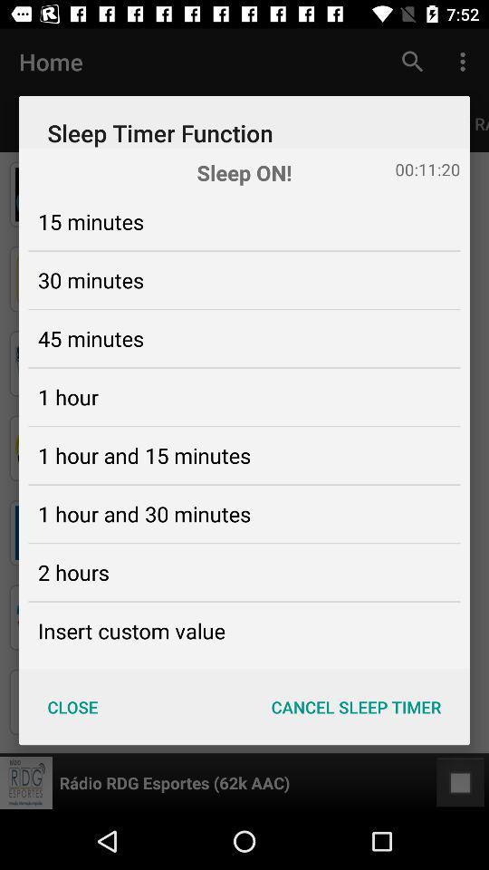  I want to click on item below the 2 hours item, so click(130, 631).